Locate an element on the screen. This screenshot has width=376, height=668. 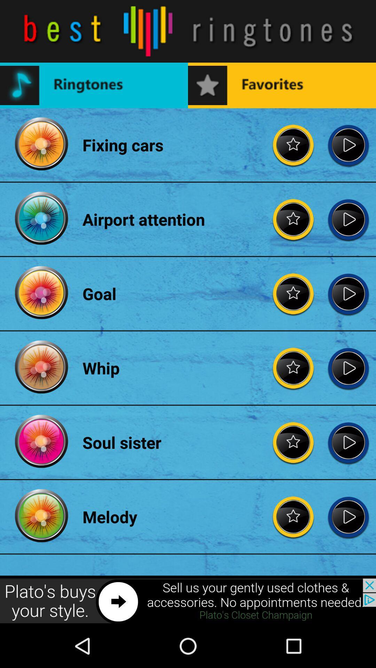
play goal music is located at coordinates (348, 294).